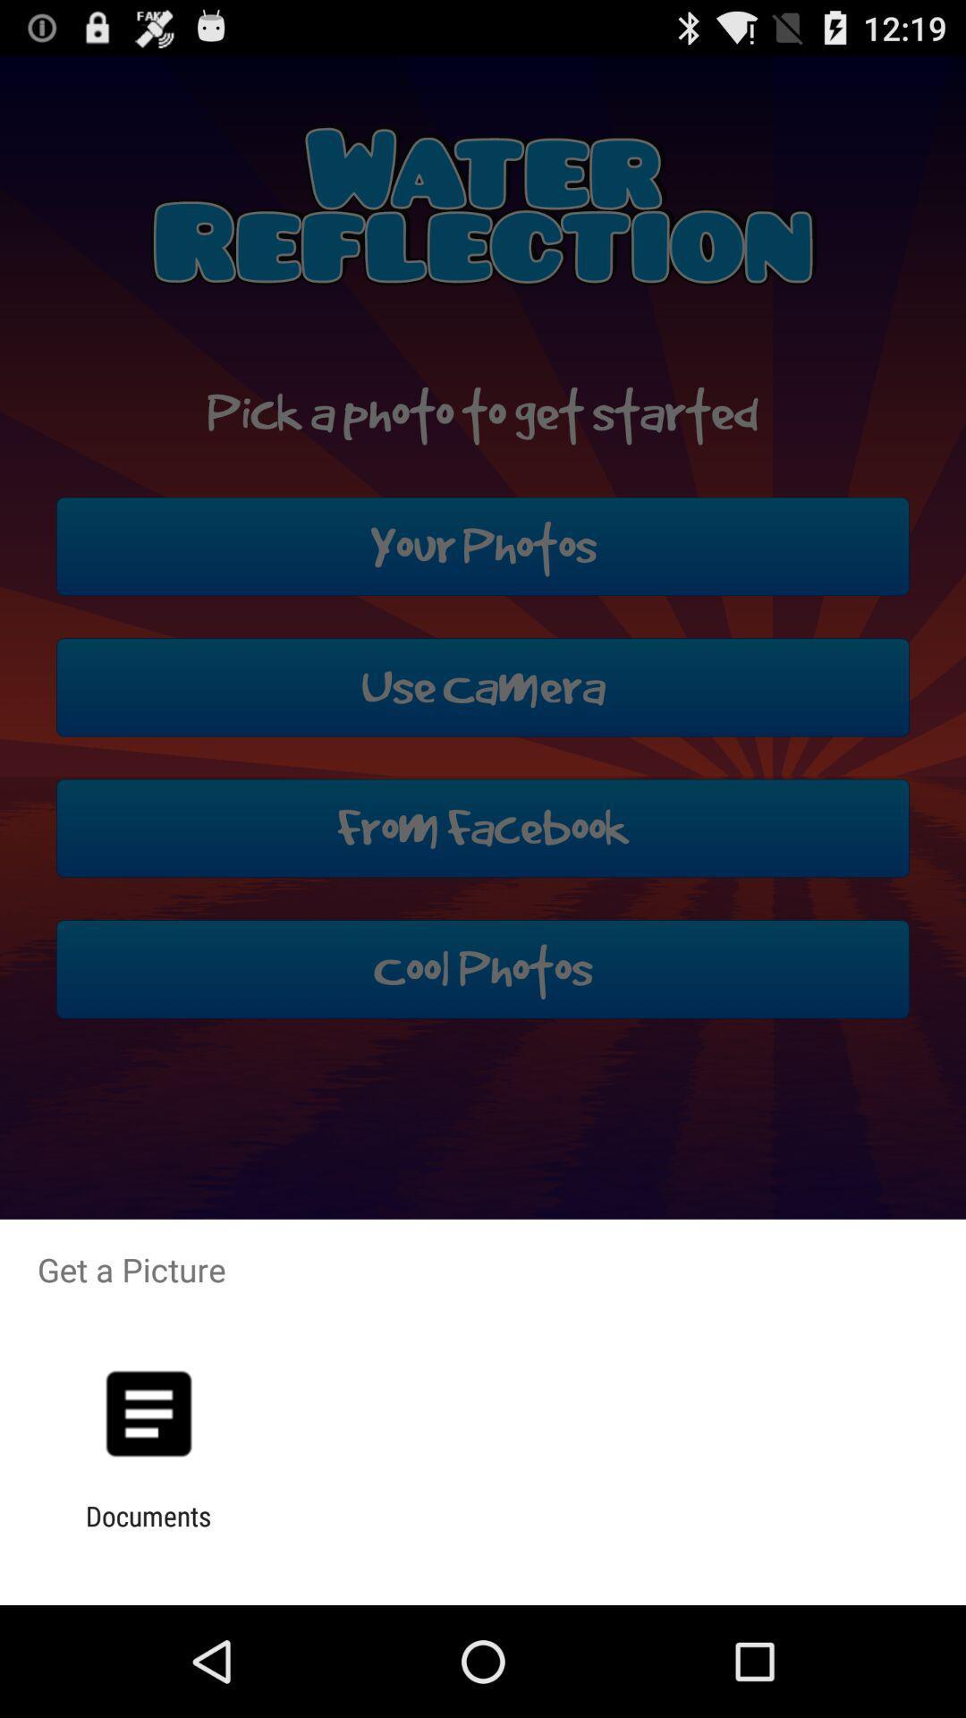 The height and width of the screenshot is (1718, 966). I want to click on documents item, so click(148, 1531).